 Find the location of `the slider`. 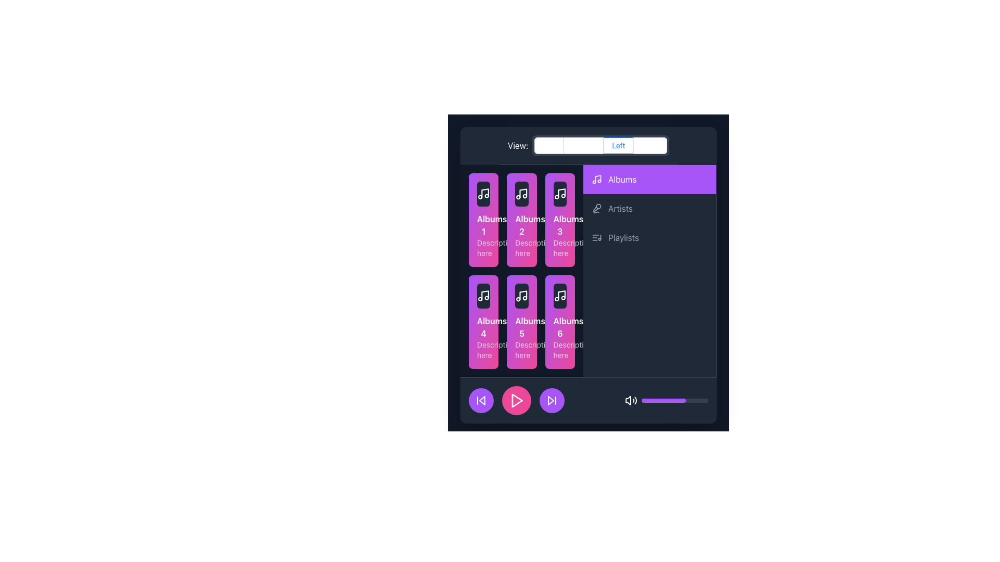

the slider is located at coordinates (646, 400).